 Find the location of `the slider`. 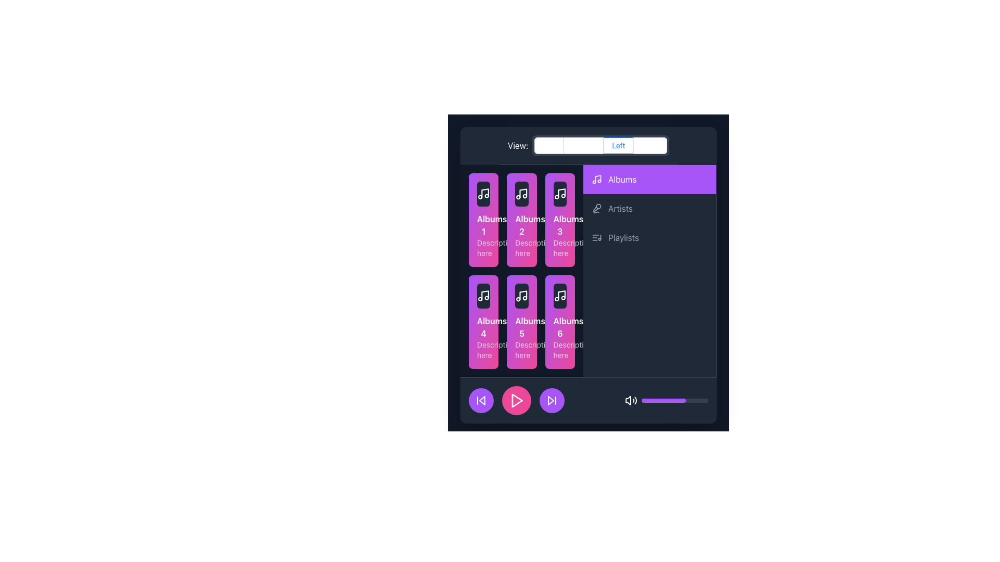

the slider is located at coordinates (646, 400).